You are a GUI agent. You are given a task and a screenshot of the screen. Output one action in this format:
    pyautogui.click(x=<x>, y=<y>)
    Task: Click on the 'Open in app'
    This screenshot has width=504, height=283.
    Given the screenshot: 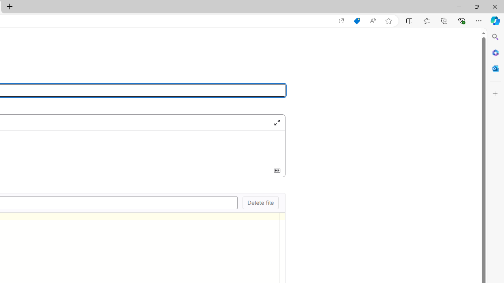 What is the action you would take?
    pyautogui.click(x=341, y=20)
    